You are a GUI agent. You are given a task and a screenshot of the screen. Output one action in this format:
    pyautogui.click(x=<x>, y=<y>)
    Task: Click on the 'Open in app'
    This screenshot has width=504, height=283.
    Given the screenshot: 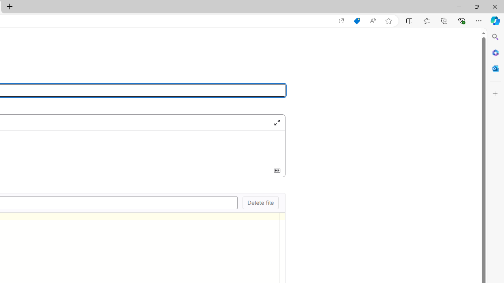 What is the action you would take?
    pyautogui.click(x=341, y=20)
    